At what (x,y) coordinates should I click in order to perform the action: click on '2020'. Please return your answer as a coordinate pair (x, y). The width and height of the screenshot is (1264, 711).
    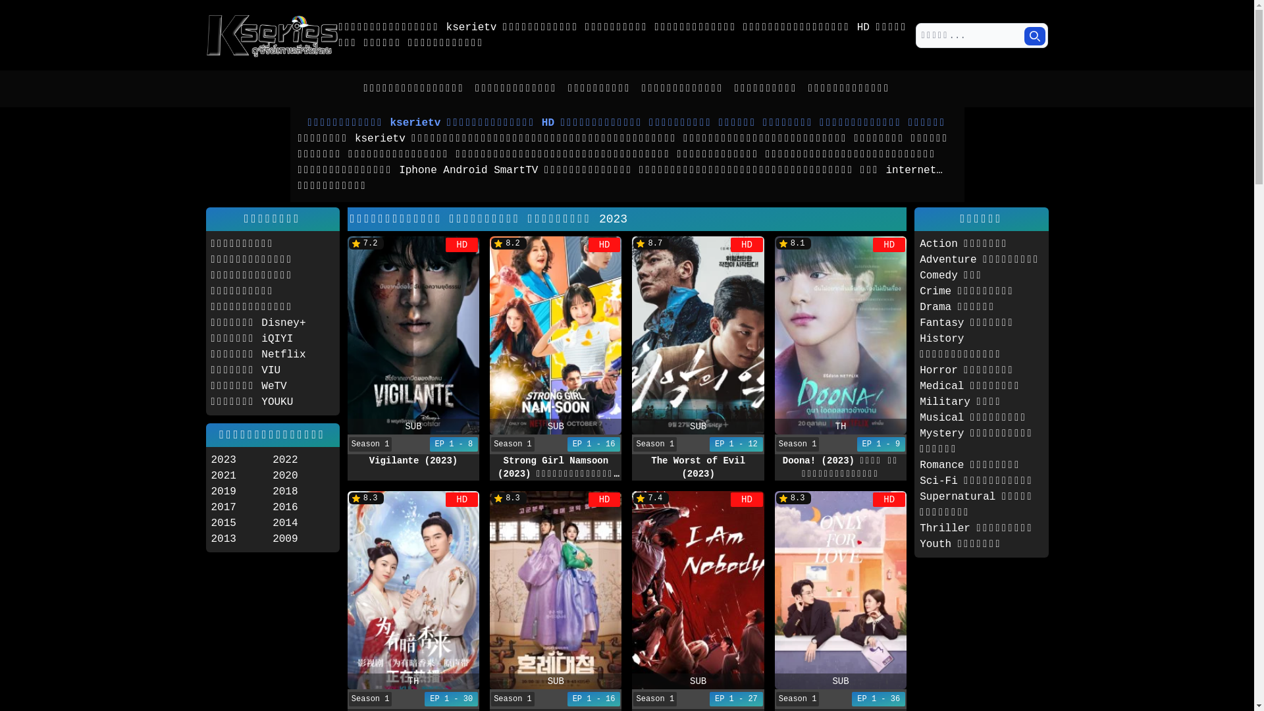
    Looking at the image, I should click on (302, 475).